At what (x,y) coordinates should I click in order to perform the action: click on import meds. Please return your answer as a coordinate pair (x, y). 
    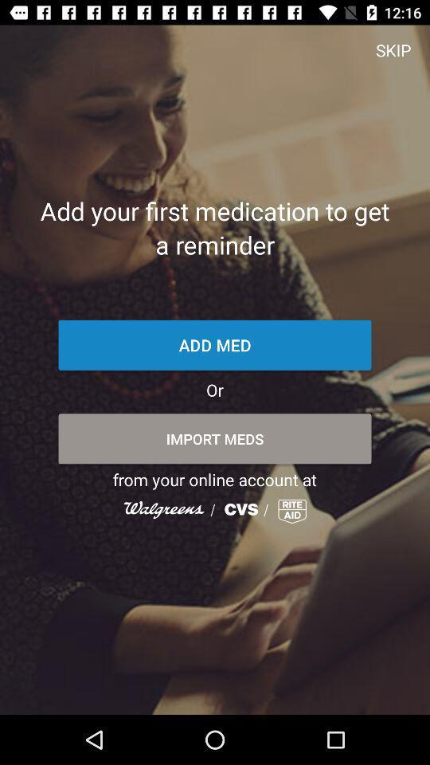
    Looking at the image, I should click on (215, 438).